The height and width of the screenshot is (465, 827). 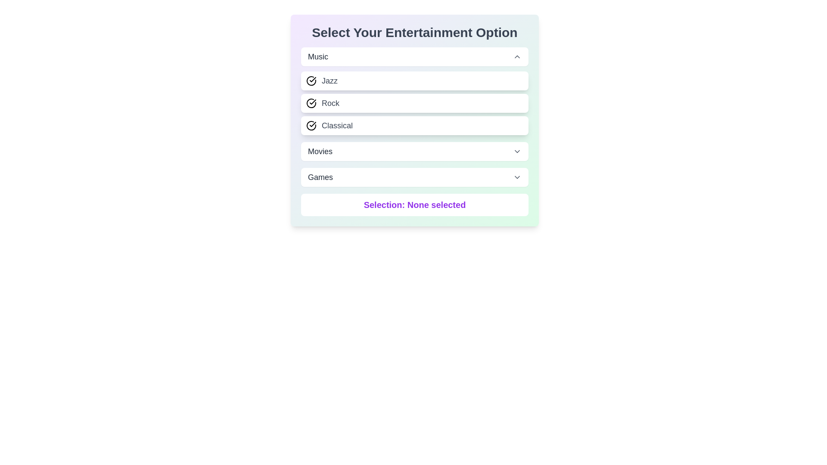 I want to click on the downwards-pointing chevron icon next to the 'Games' label, so click(x=517, y=177).